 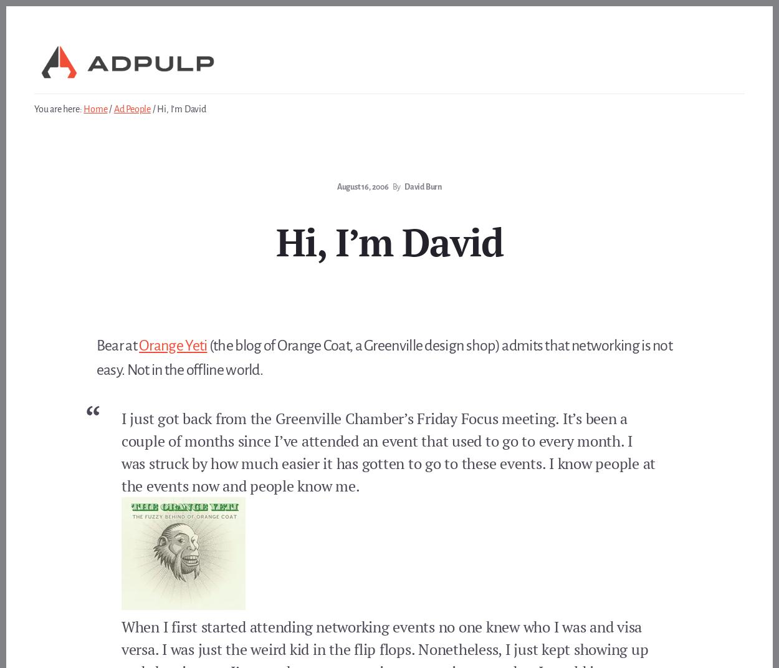 I want to click on 'Ad People', so click(x=131, y=109).